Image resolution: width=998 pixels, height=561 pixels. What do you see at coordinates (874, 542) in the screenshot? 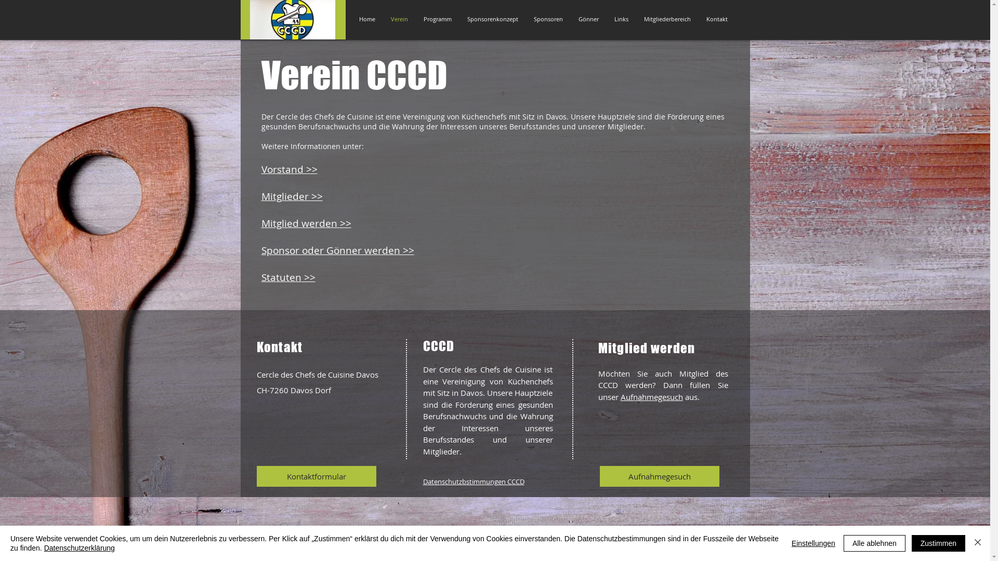
I see `'Alle ablehnen'` at bounding box center [874, 542].